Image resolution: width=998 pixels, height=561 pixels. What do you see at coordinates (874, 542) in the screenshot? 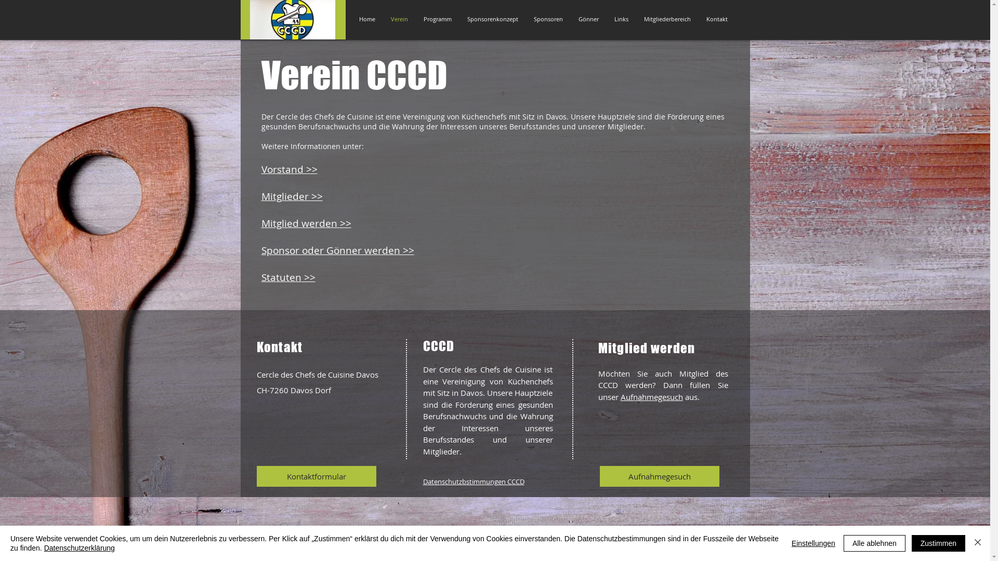
I see `'Alle ablehnen'` at bounding box center [874, 542].